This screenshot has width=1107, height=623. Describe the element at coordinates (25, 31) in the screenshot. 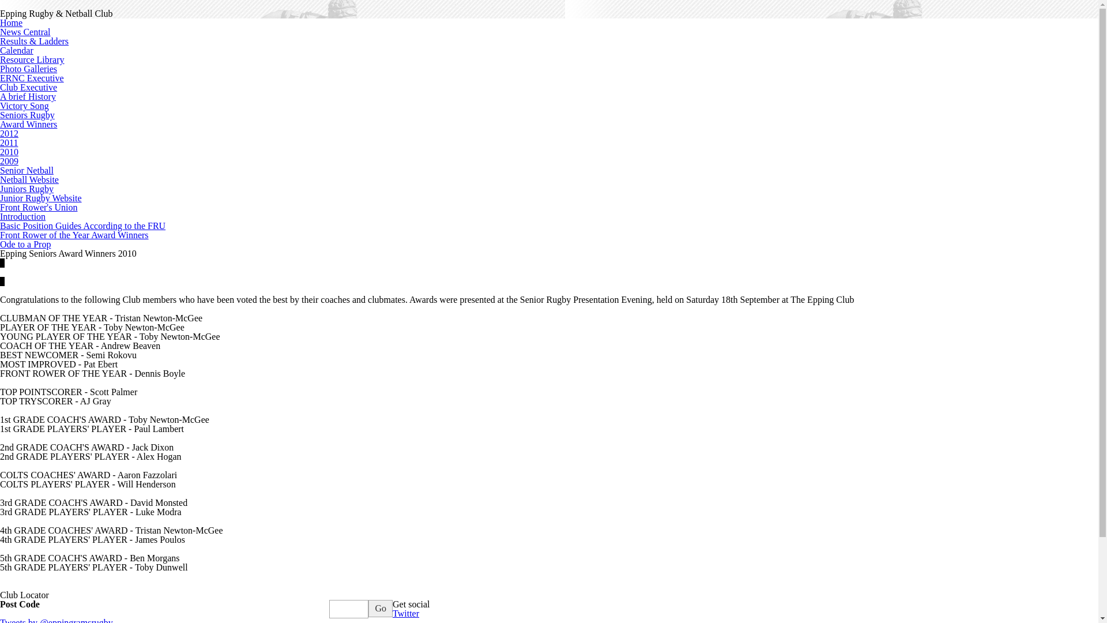

I see `'News Central'` at that location.